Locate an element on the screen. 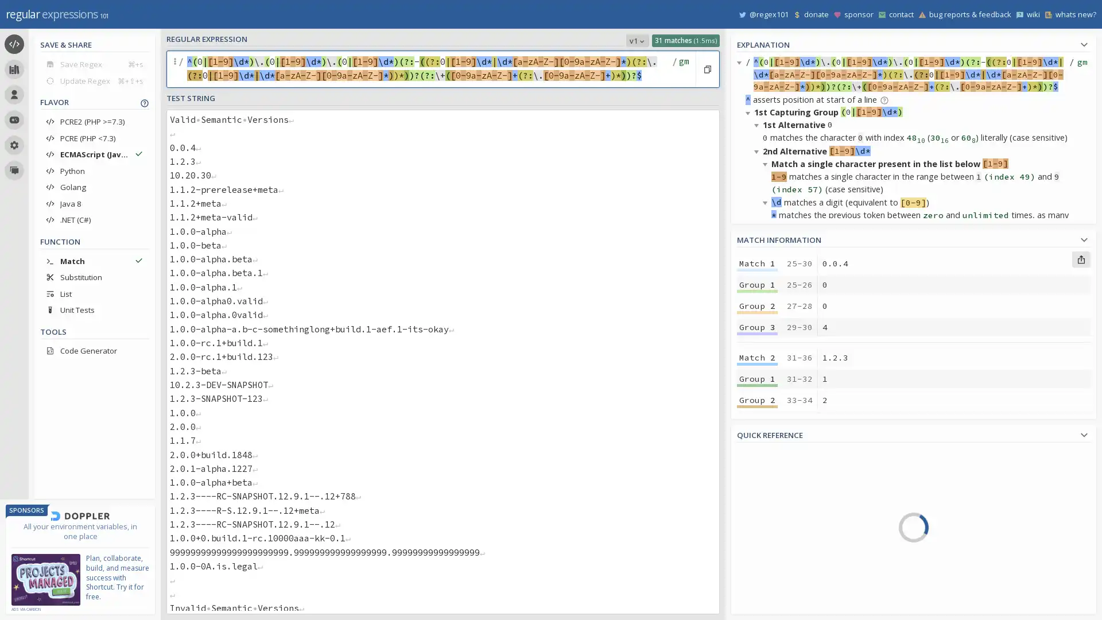 This screenshot has width=1102, height=620. Collapse Subtree is located at coordinates (758, 436).